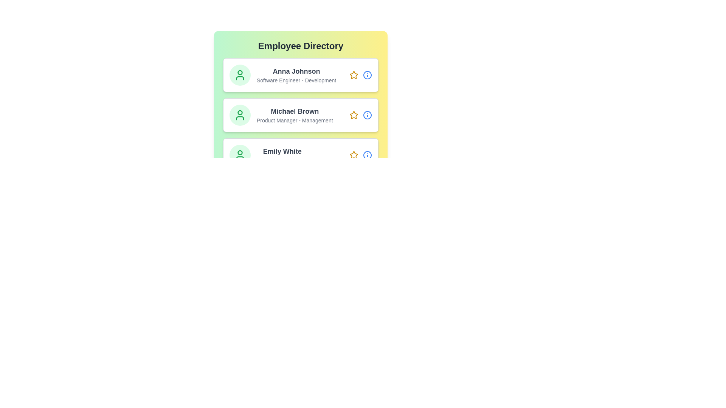  I want to click on information icon for the employee card of Michael Brown, so click(367, 115).